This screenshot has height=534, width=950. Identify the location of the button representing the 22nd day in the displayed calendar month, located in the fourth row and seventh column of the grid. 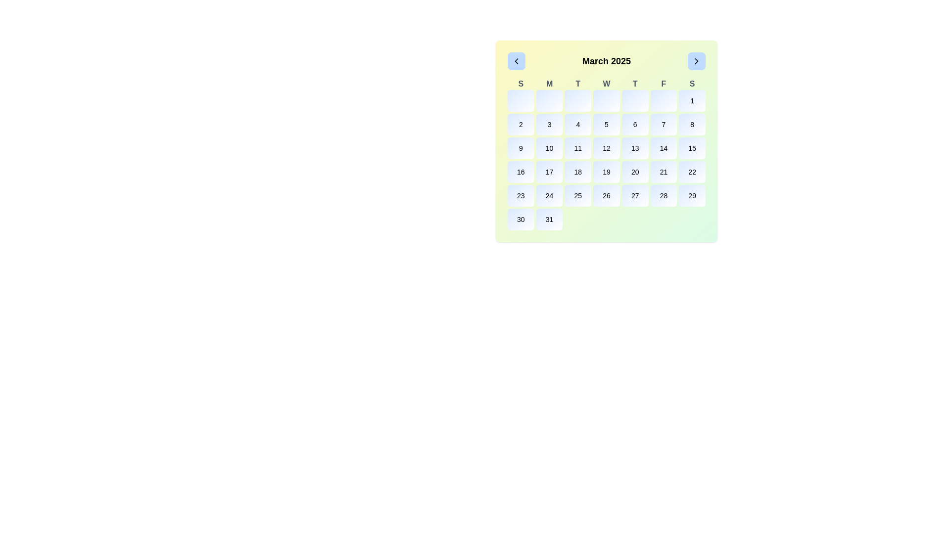
(692, 171).